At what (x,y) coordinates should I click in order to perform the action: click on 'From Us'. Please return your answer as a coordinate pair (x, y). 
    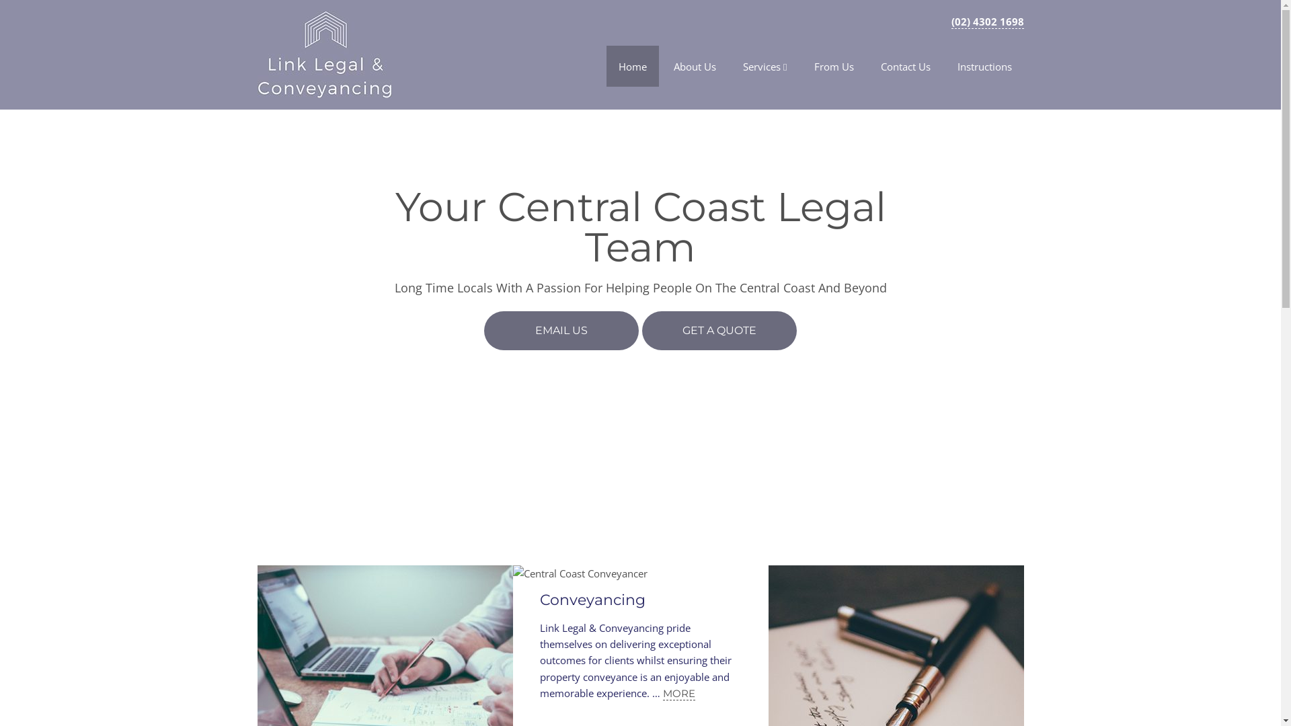
    Looking at the image, I should click on (801, 66).